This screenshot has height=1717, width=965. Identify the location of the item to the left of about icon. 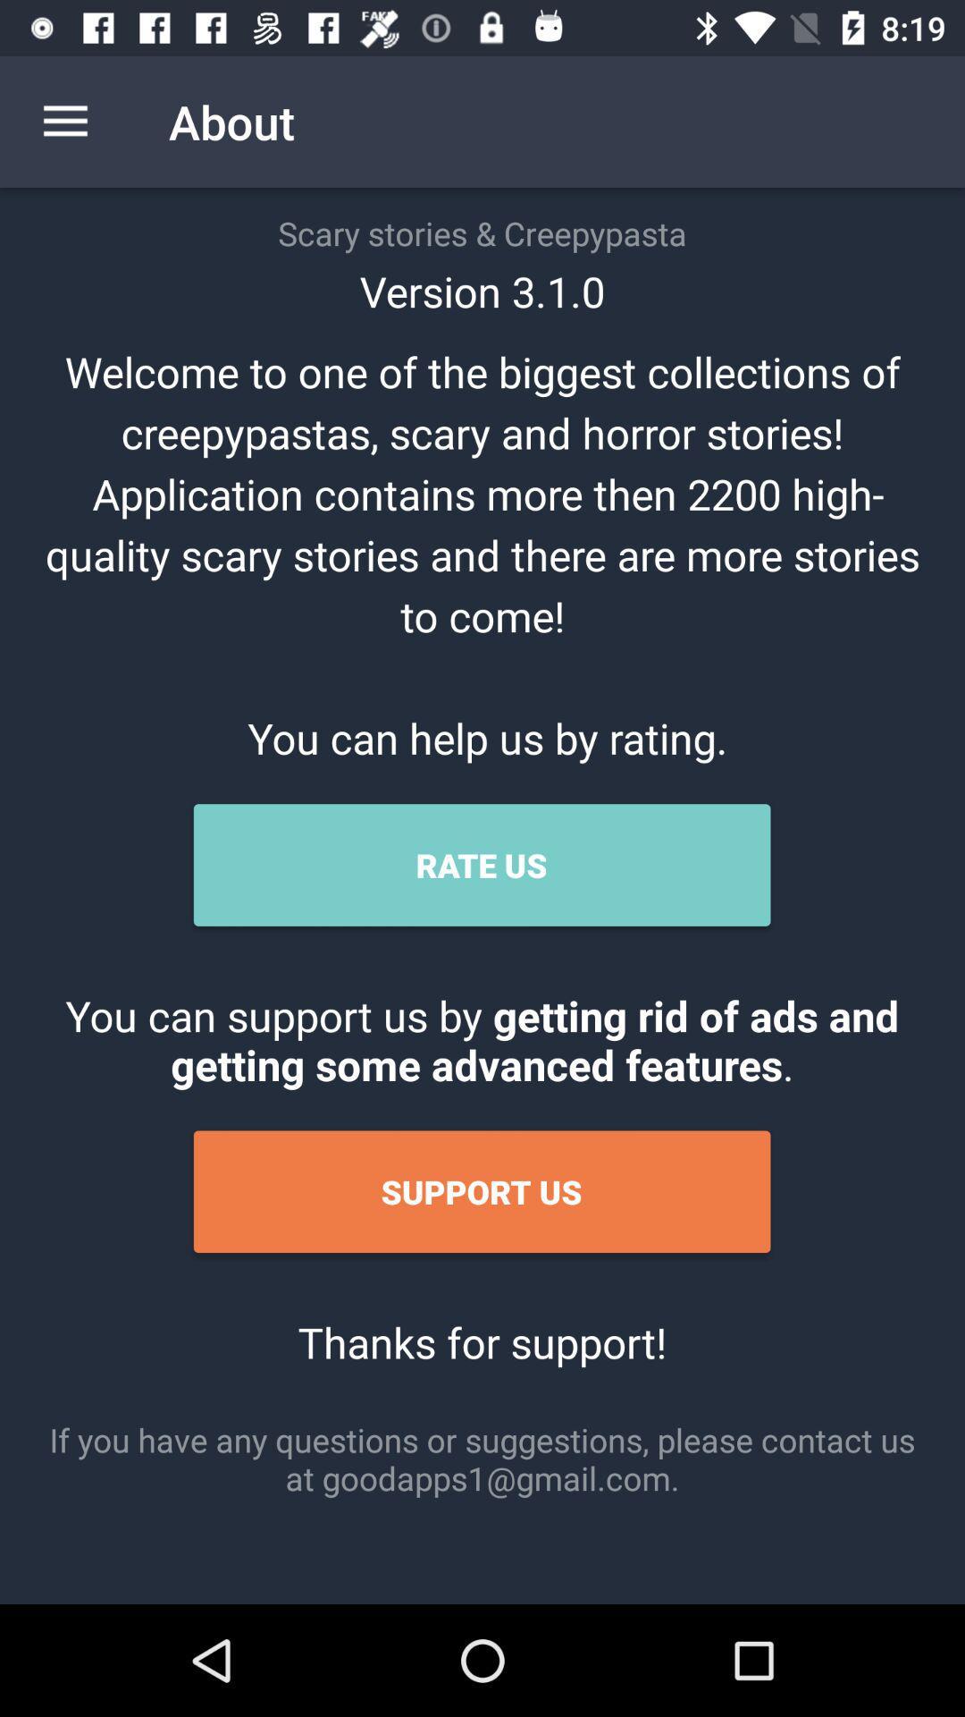
(64, 121).